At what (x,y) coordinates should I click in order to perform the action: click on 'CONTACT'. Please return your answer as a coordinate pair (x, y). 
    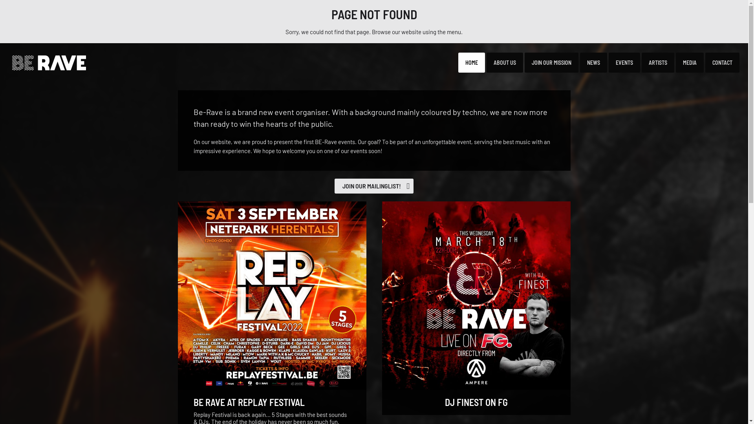
    Looking at the image, I should click on (705, 62).